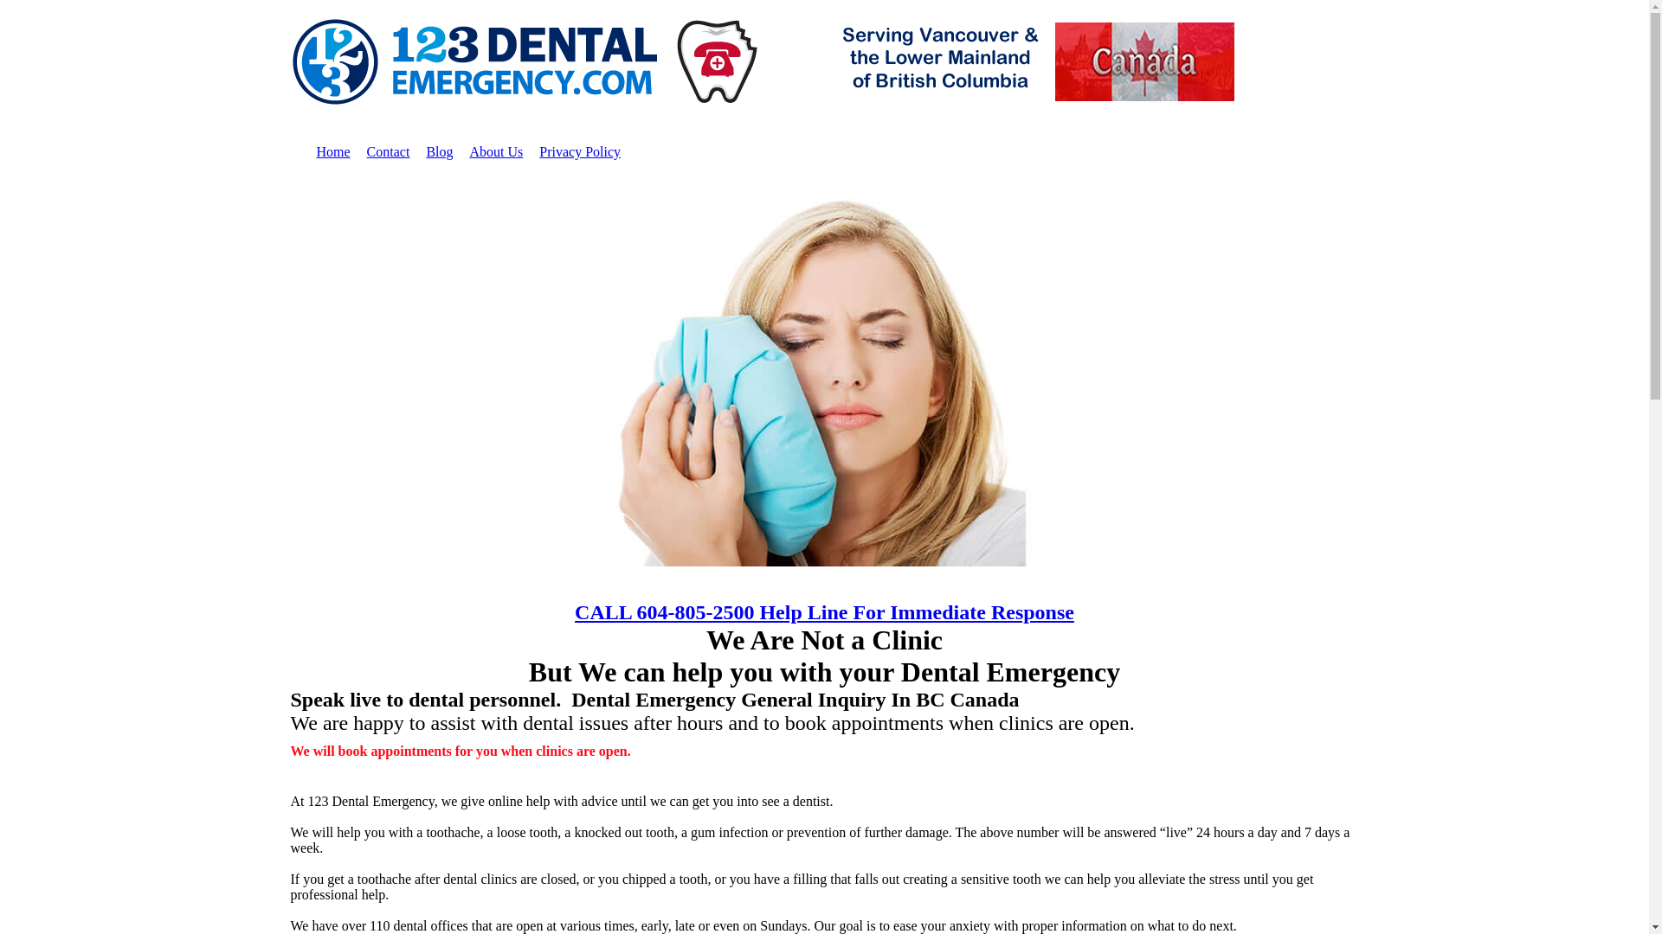 The width and height of the screenshot is (1662, 934). I want to click on 'CALL 604-805-2500 Help Line For Immediate Response', so click(823, 611).